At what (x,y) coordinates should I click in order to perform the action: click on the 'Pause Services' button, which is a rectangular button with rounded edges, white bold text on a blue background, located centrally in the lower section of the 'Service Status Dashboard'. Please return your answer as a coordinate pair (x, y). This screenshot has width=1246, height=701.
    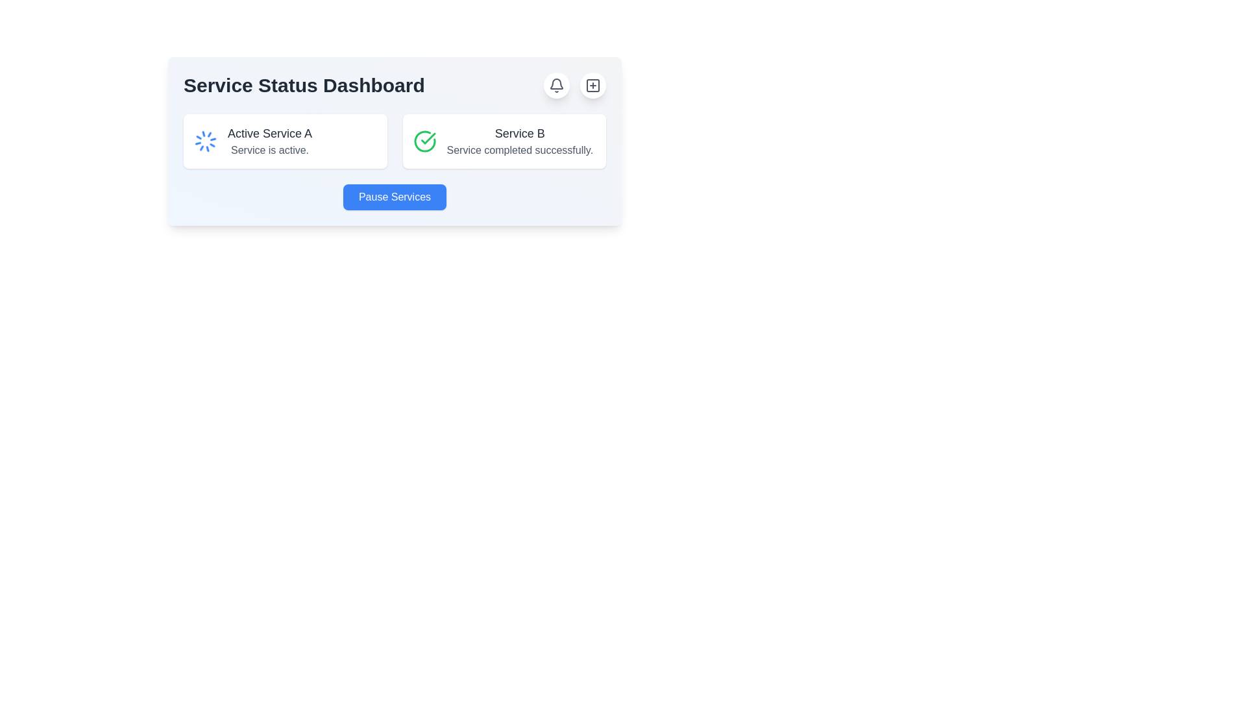
    Looking at the image, I should click on (394, 197).